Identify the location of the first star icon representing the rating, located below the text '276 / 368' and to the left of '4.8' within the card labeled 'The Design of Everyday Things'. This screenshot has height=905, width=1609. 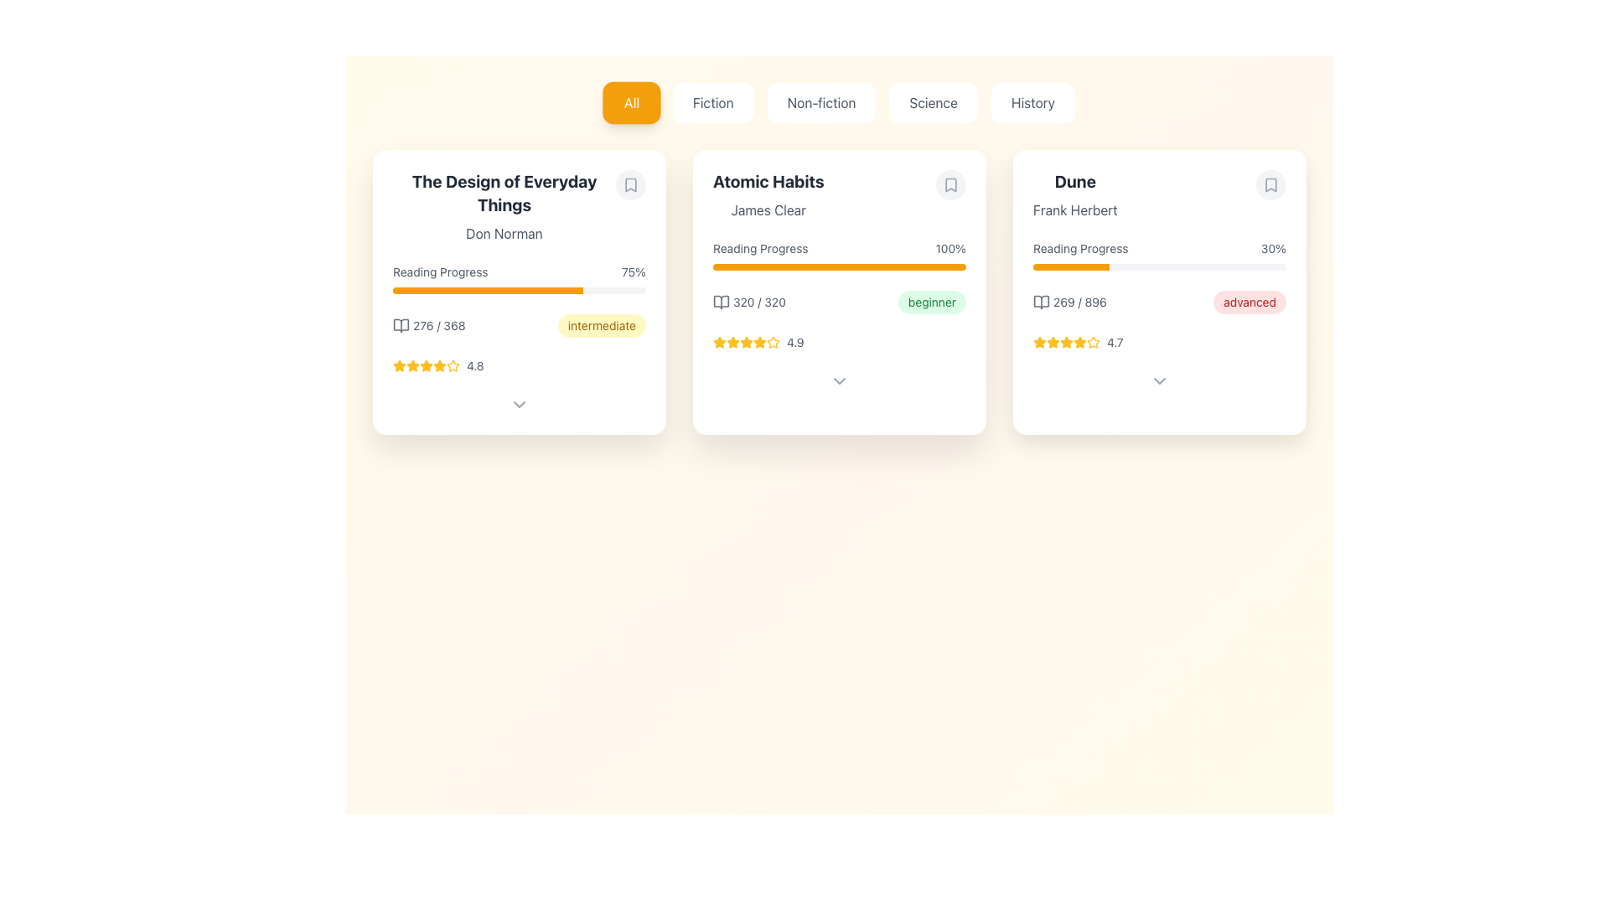
(398, 365).